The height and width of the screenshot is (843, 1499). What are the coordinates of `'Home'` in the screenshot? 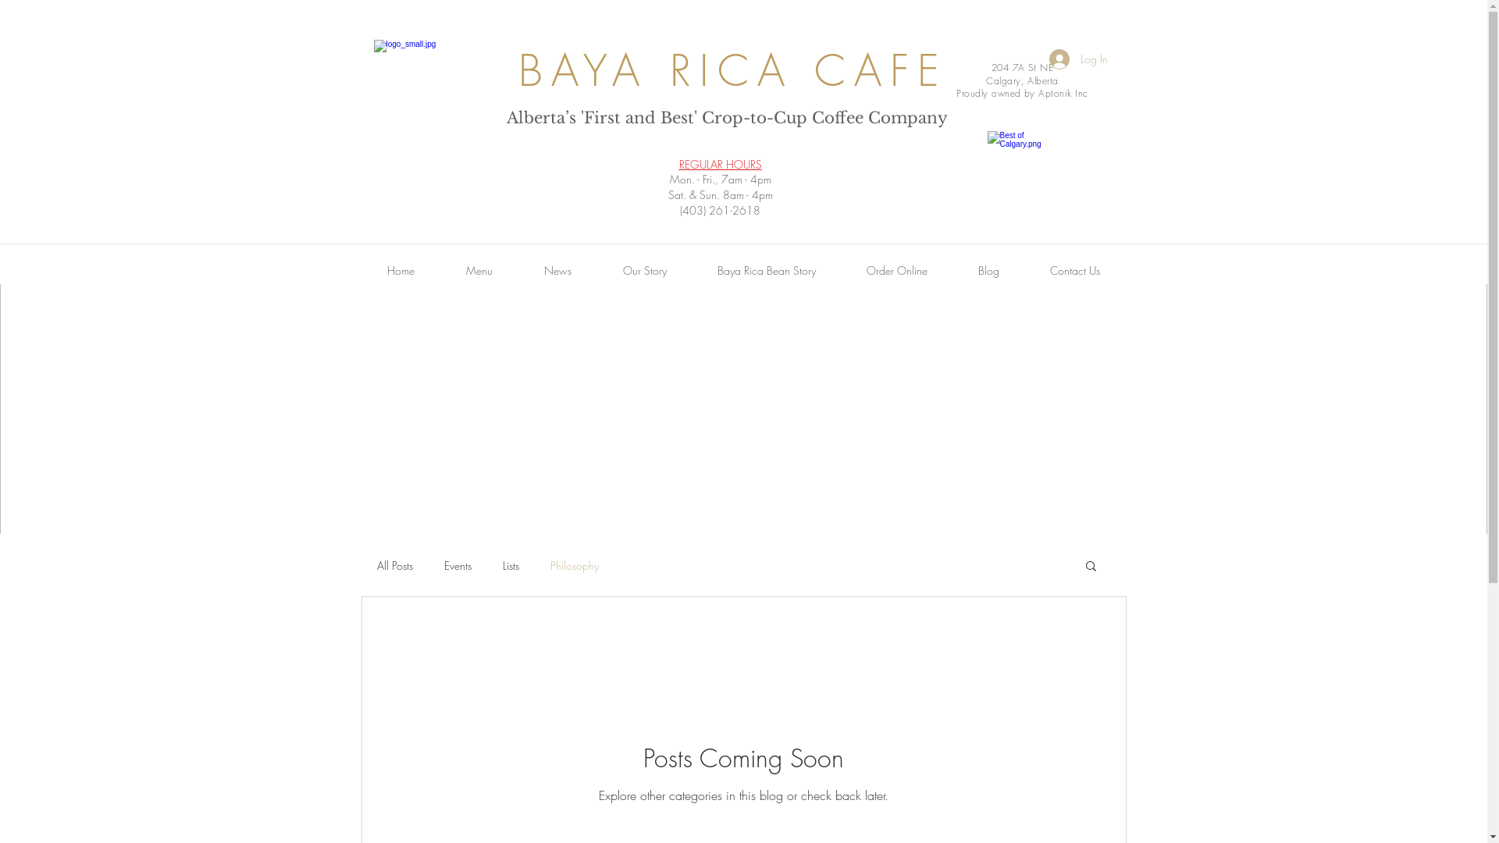 It's located at (400, 270).